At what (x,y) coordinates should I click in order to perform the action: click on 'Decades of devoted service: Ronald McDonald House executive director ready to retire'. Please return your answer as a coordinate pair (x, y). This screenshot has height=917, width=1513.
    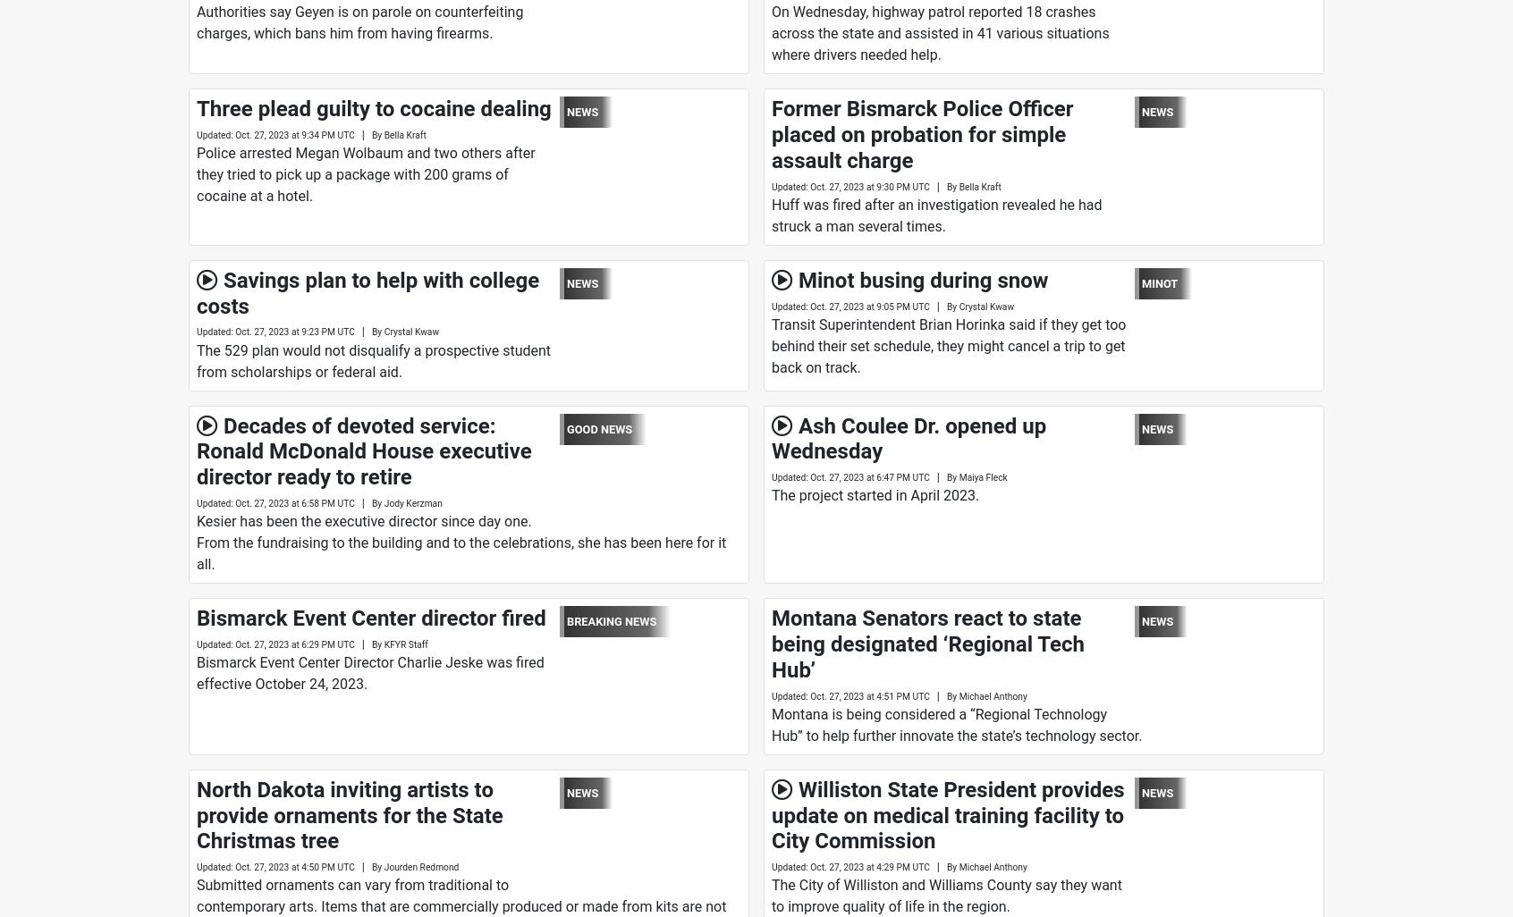
    Looking at the image, I should click on (363, 450).